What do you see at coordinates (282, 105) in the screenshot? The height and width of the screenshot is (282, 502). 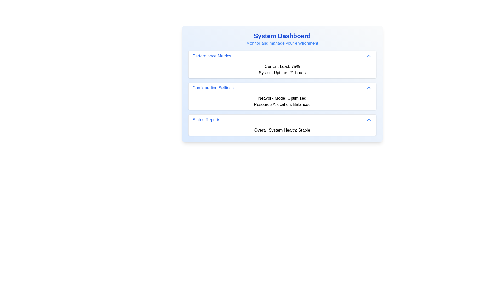 I see `the static text label indicating 'Balanced' in the 'Configuration Settings' card, which summarizes the current resource allocation` at bounding box center [282, 105].